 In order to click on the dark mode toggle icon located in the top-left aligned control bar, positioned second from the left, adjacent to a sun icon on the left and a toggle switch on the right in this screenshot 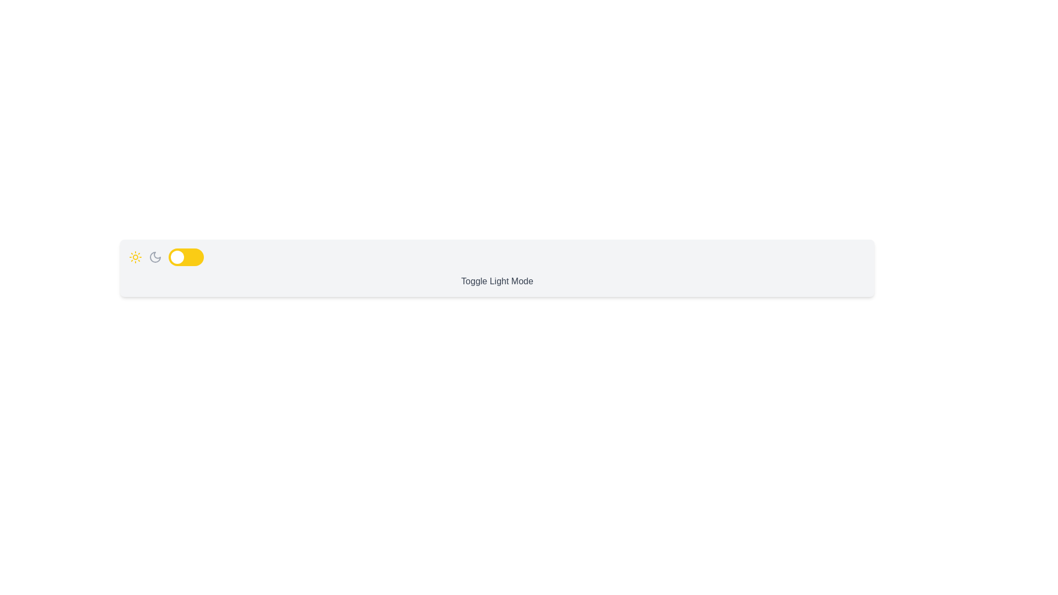, I will do `click(155, 257)`.